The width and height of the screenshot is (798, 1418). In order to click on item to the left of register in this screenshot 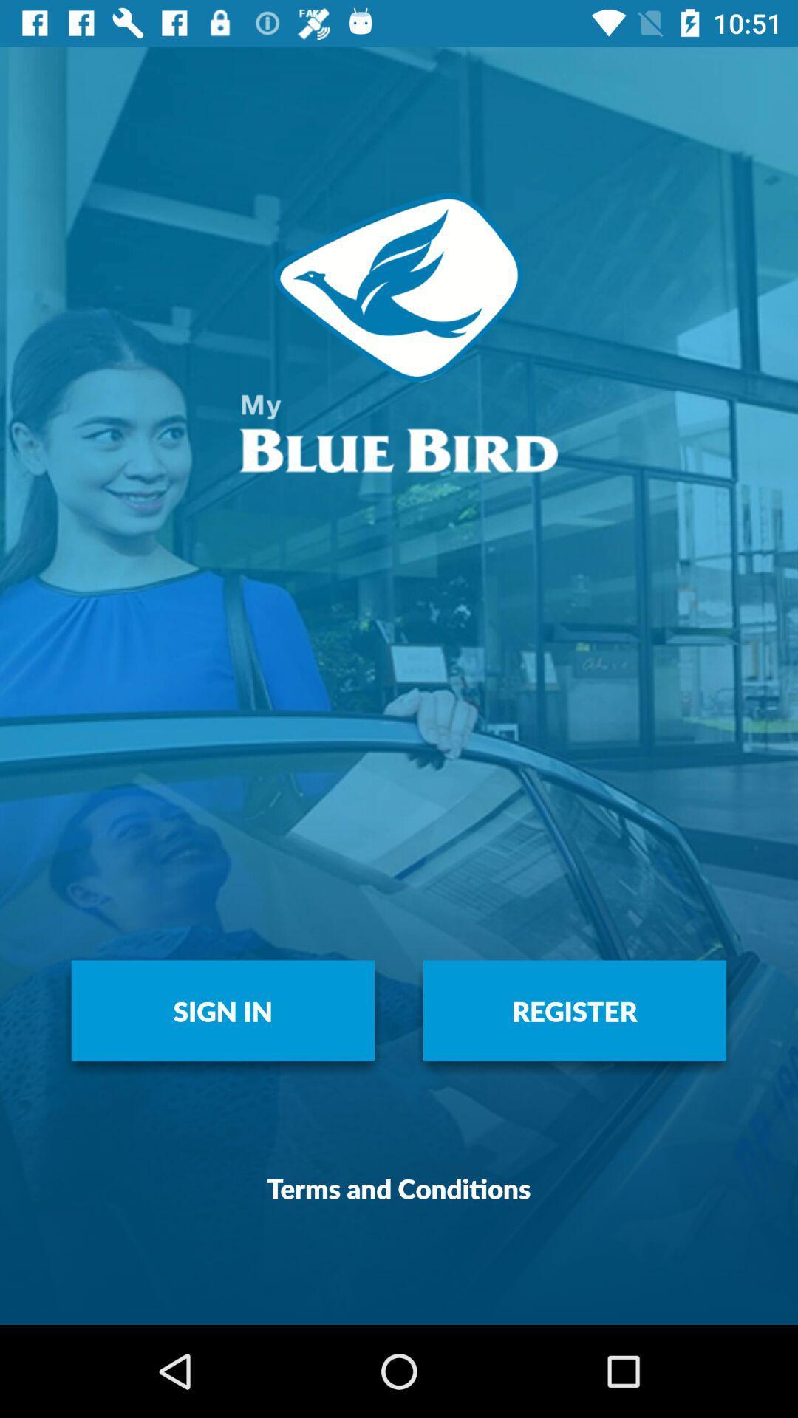, I will do `click(222, 1010)`.